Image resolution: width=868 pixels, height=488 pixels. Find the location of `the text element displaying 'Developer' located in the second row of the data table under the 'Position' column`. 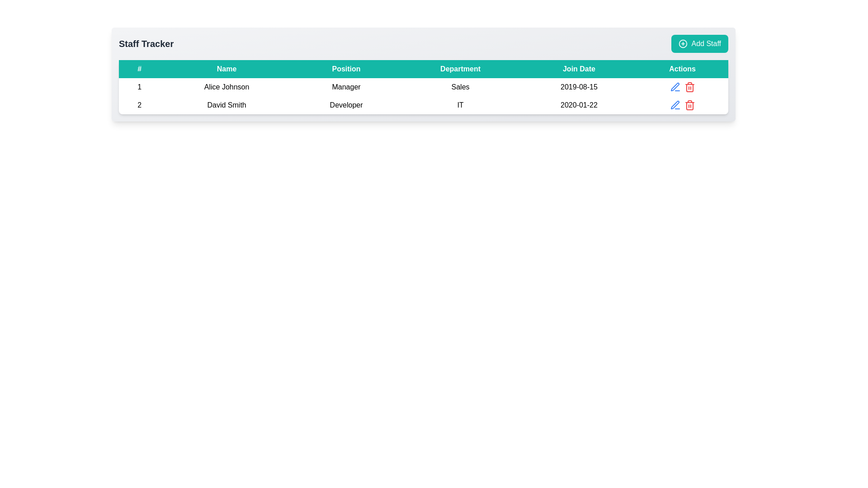

the text element displaying 'Developer' located in the second row of the data table under the 'Position' column is located at coordinates (346, 104).